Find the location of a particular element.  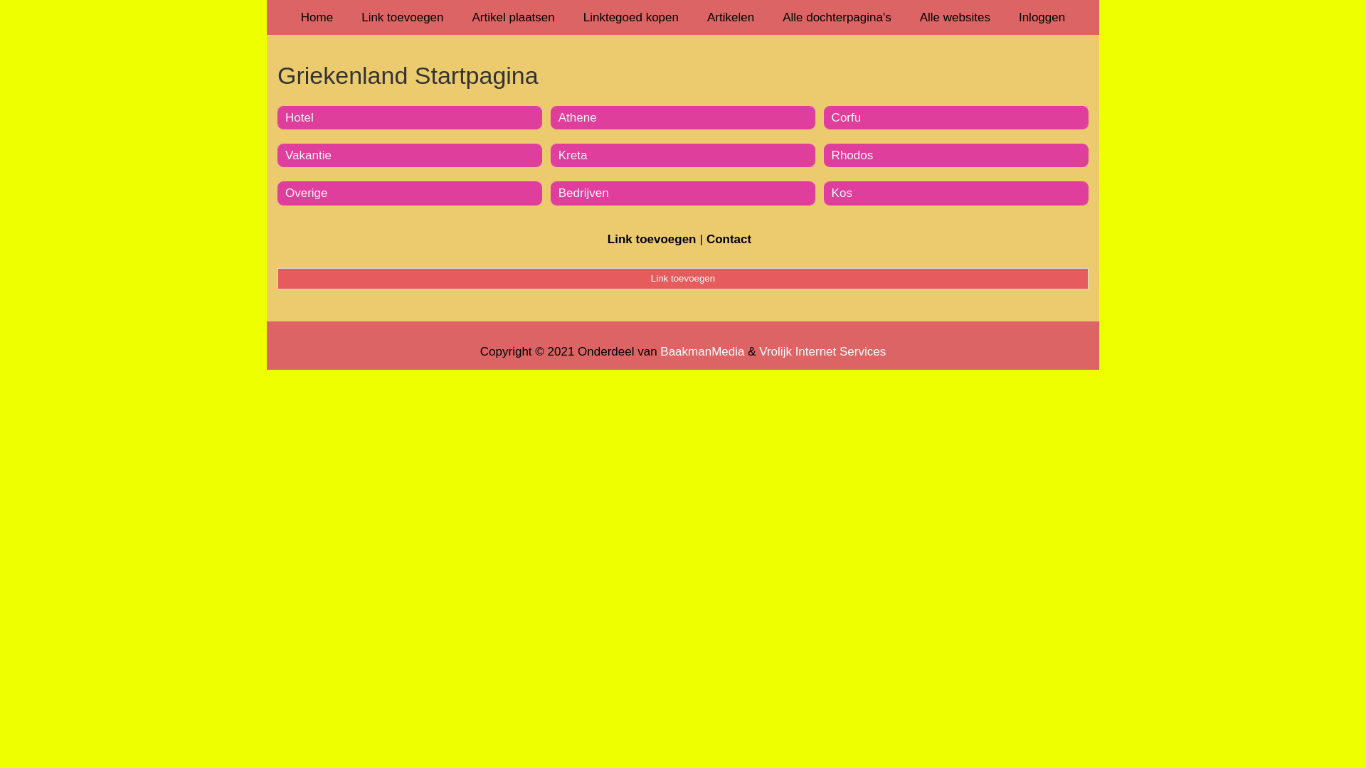

'BaakmanMedia' is located at coordinates (659, 351).